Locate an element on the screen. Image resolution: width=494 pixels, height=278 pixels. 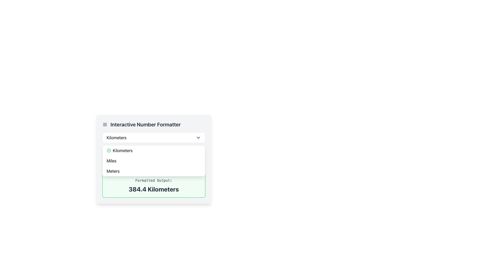
the 'Meters' text label option in the dropdown list is located at coordinates (113, 171).